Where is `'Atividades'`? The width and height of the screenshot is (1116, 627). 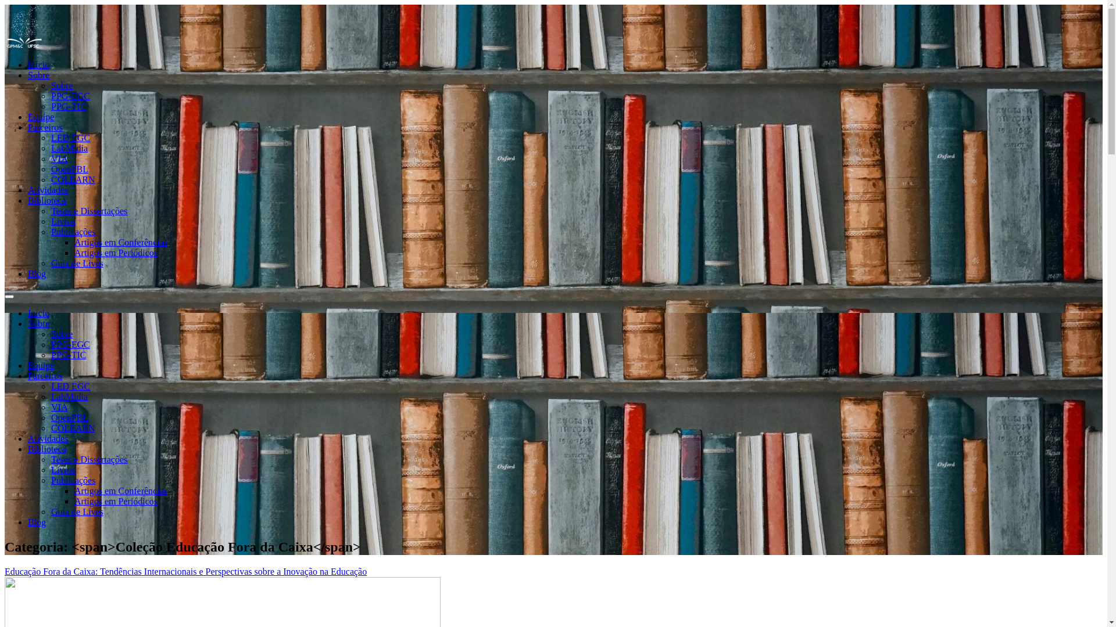
'Atividades' is located at coordinates (47, 189).